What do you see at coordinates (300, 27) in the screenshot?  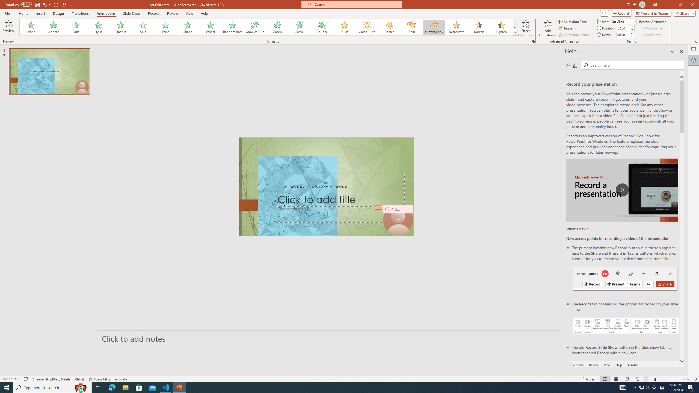 I see `'Swivel'` at bounding box center [300, 27].